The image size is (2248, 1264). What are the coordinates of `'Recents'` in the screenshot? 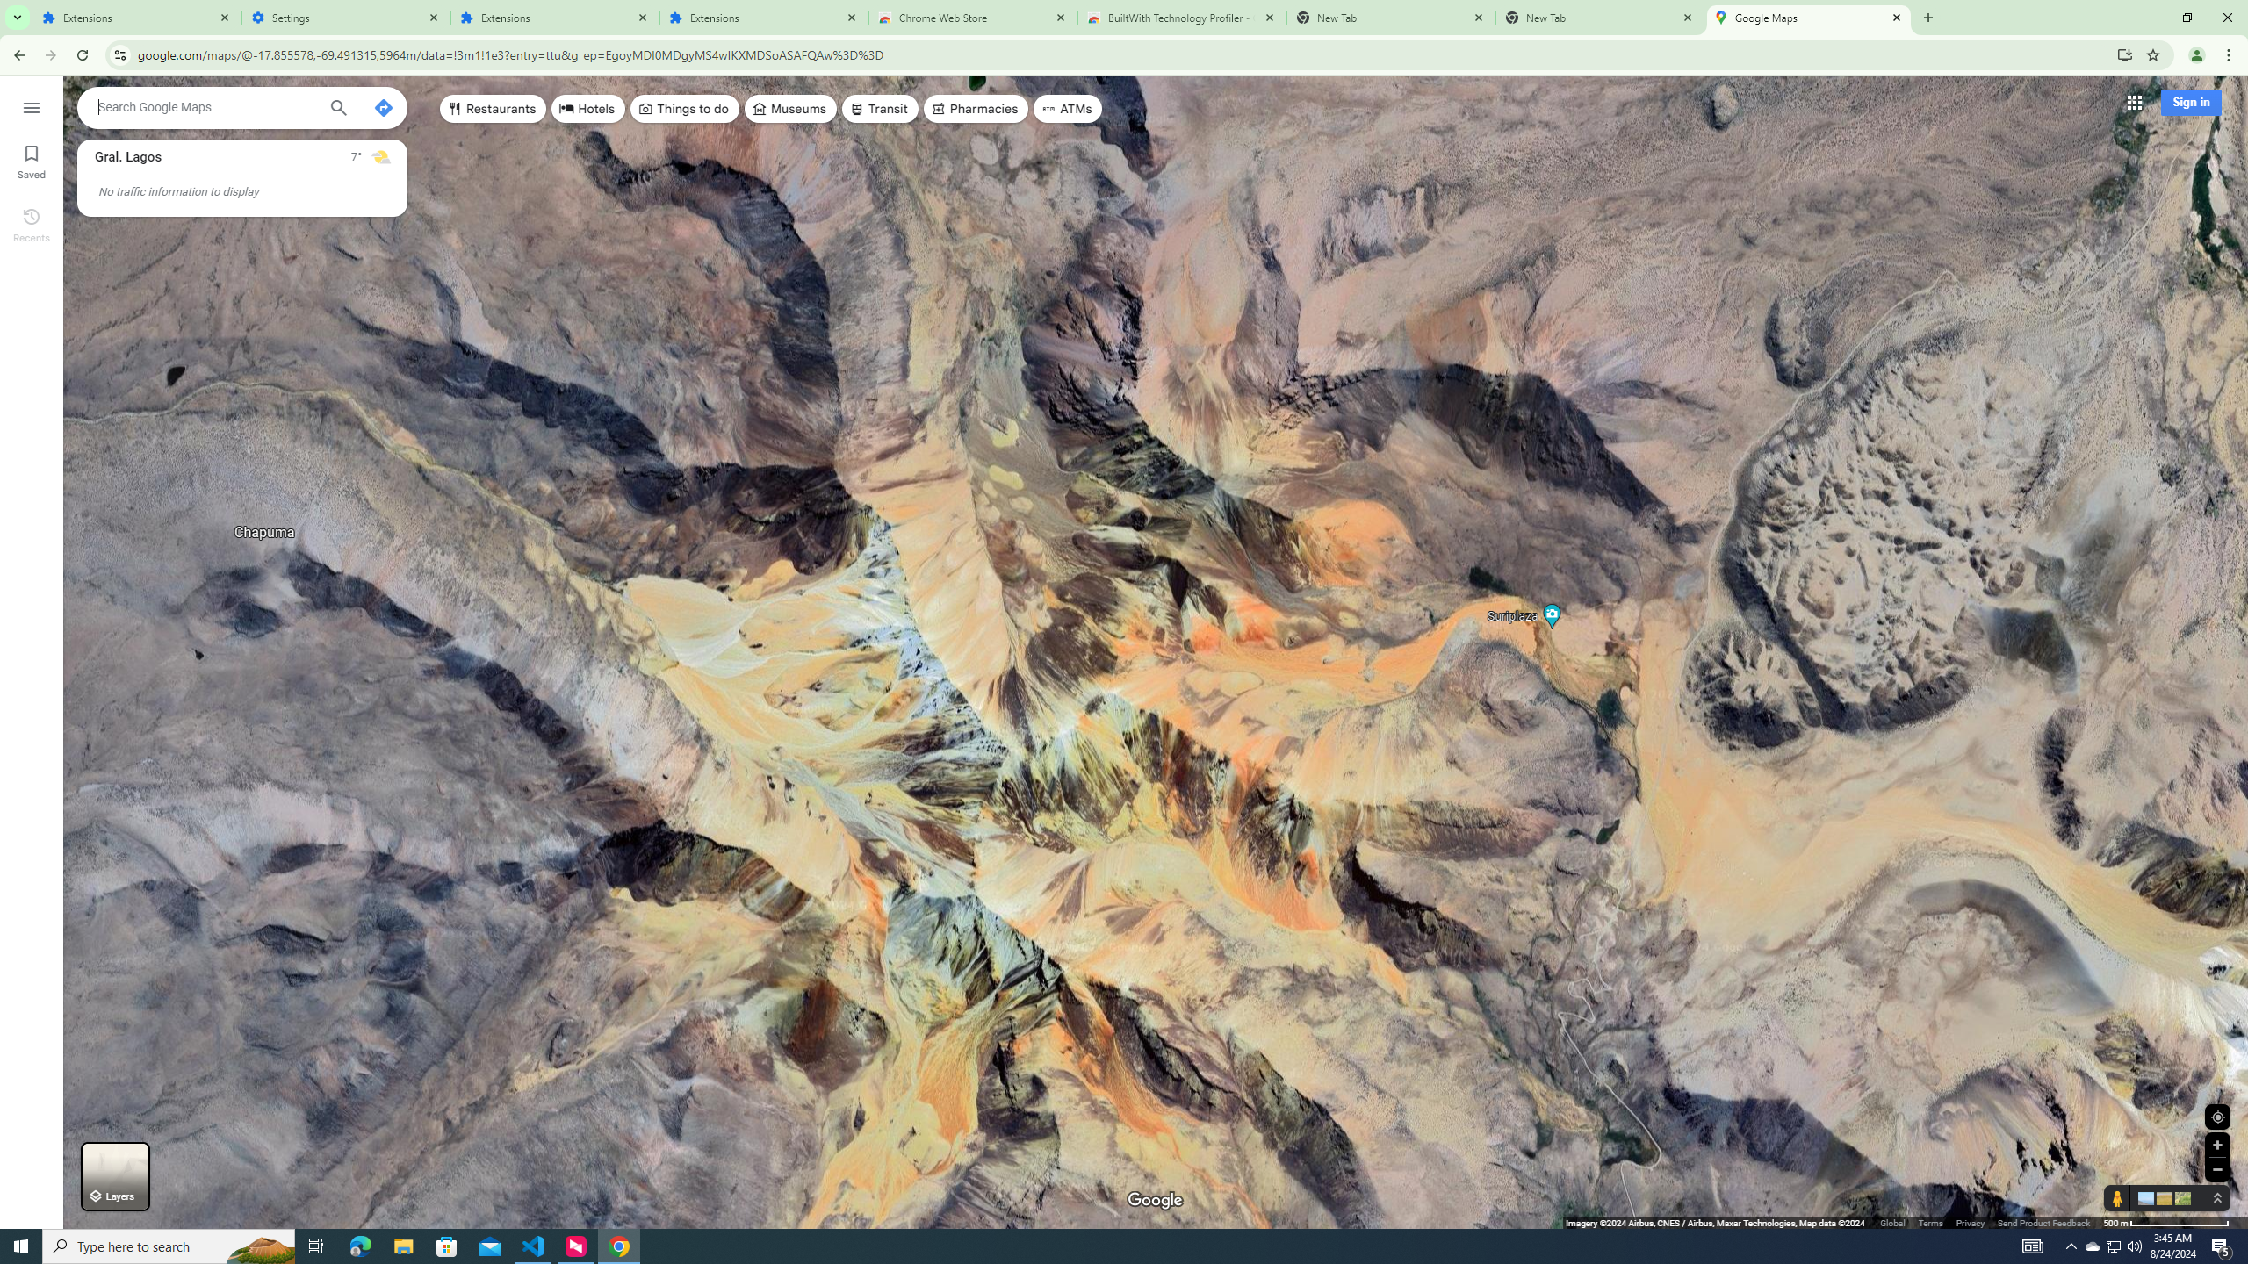 It's located at (30, 223).